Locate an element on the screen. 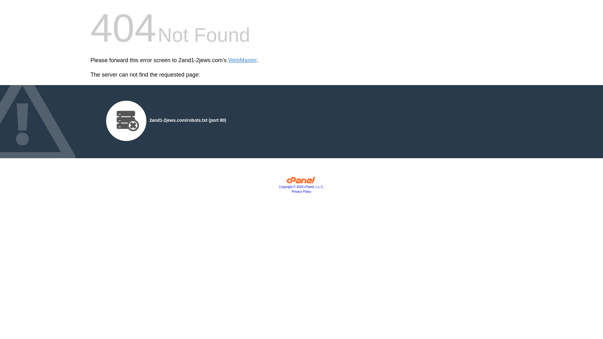 The image size is (603, 339). 'cPanel, Inc.' is located at coordinates (301, 181).